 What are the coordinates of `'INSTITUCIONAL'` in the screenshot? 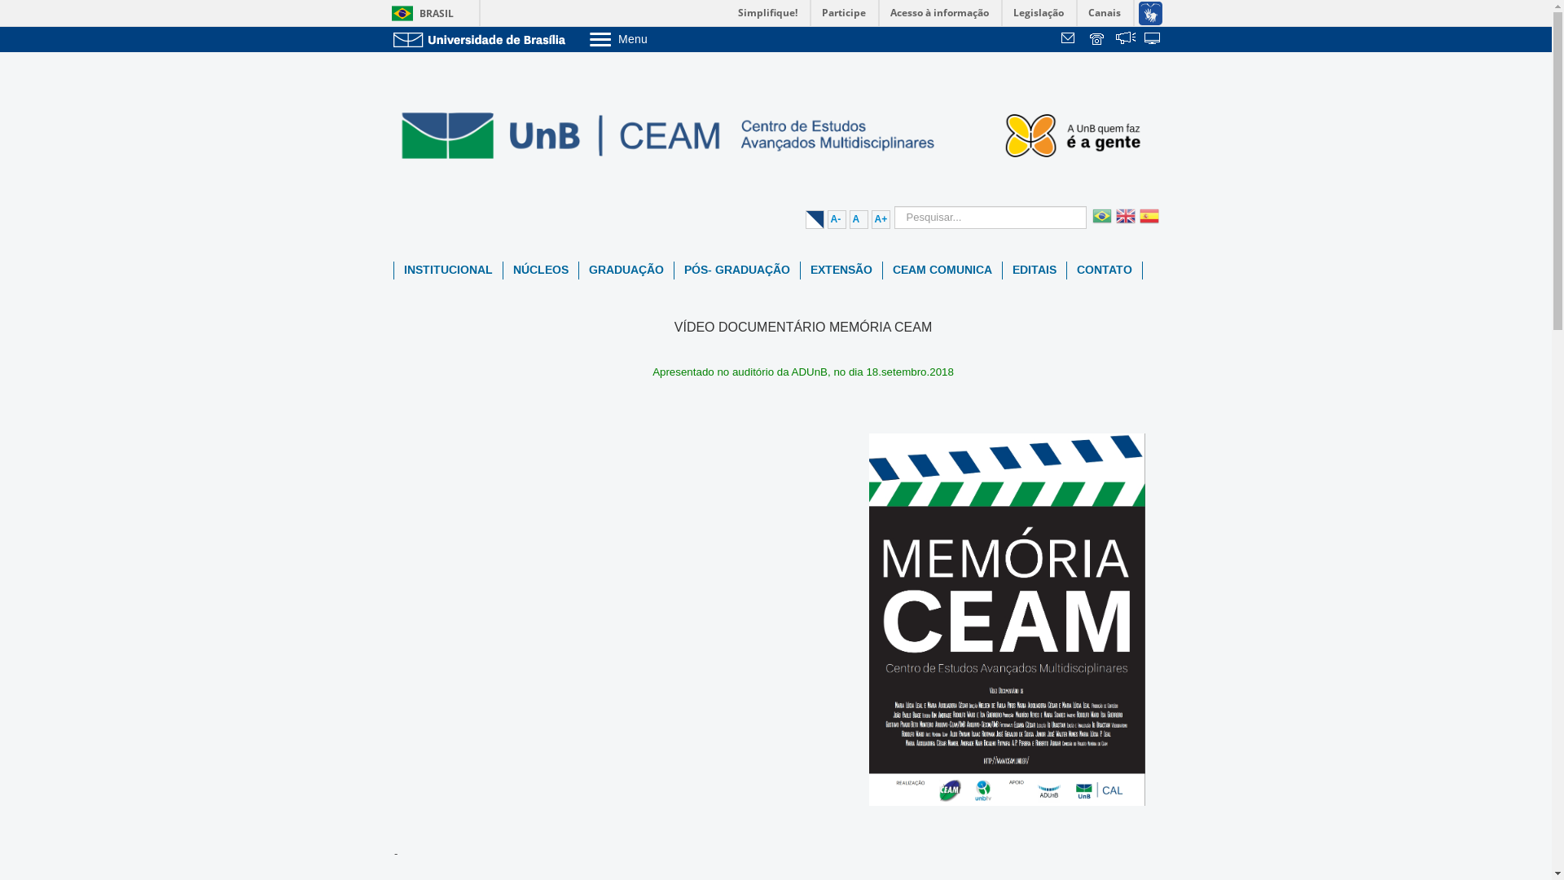 It's located at (448, 269).